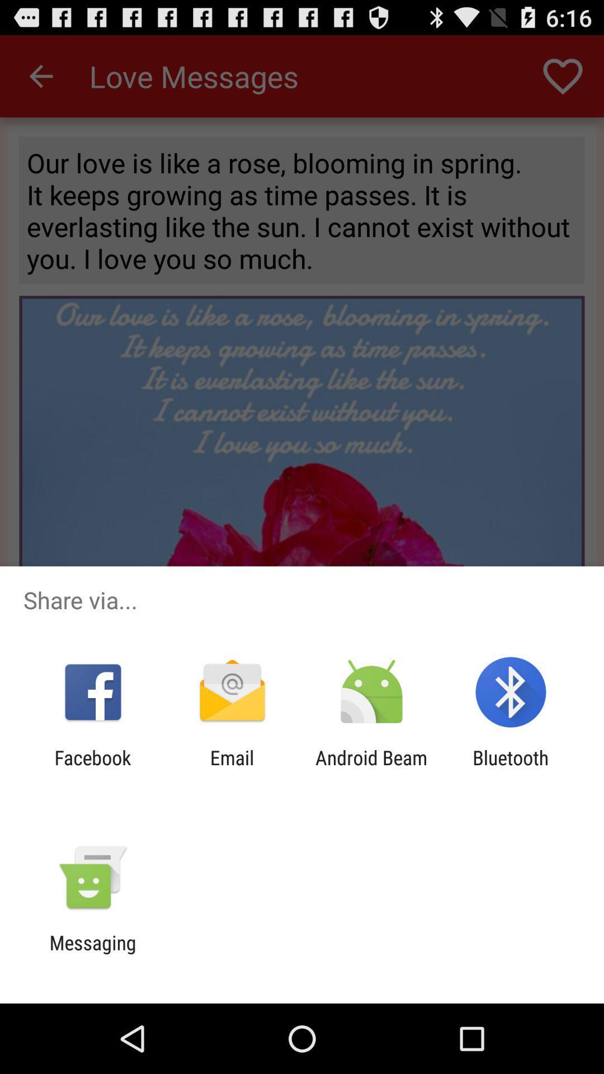 This screenshot has height=1074, width=604. What do you see at coordinates (371, 769) in the screenshot?
I see `android beam item` at bounding box center [371, 769].